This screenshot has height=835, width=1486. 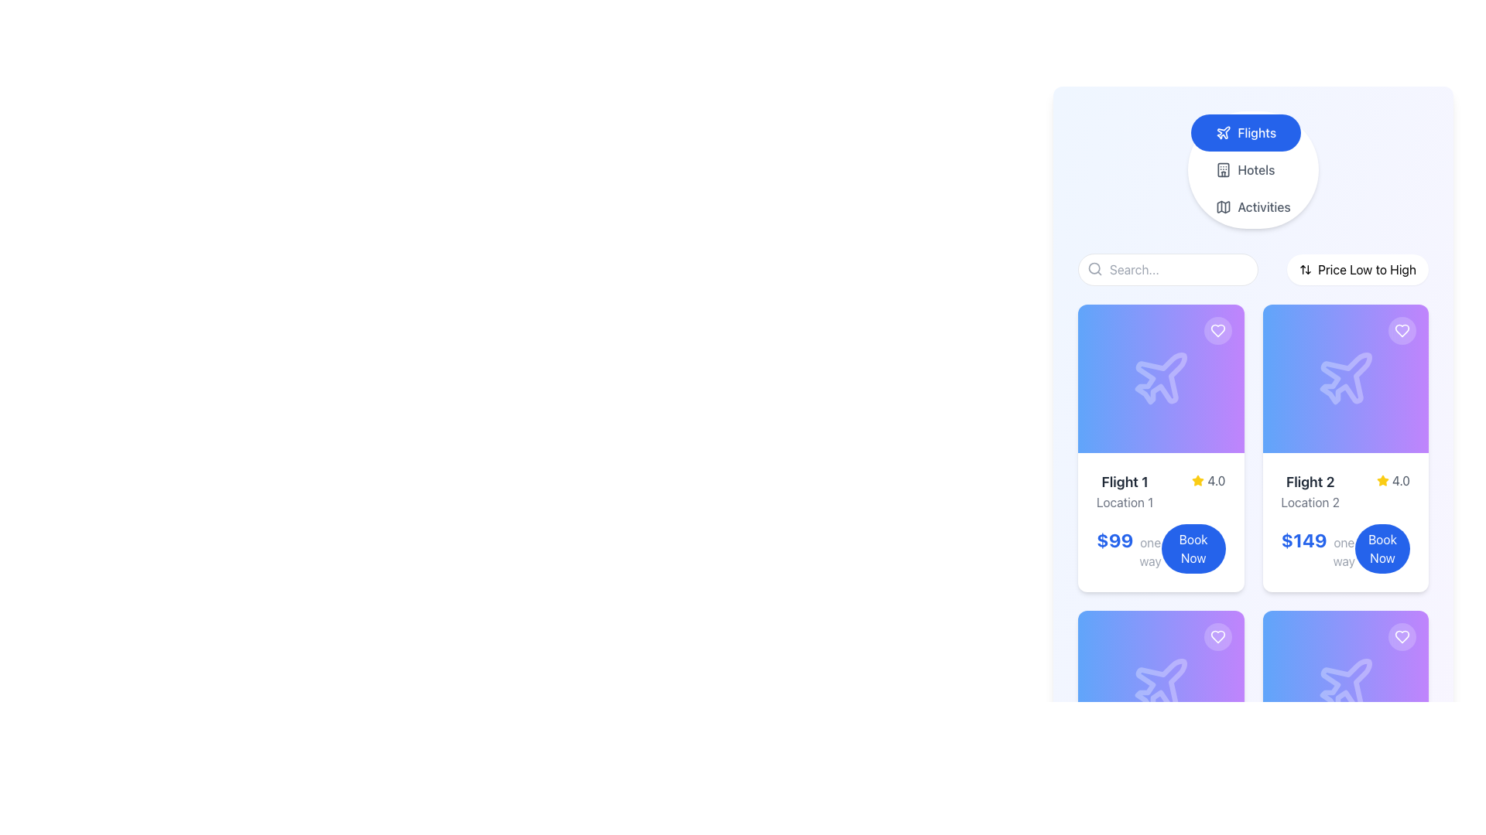 What do you see at coordinates (1197, 479) in the screenshot?
I see `the yellow star icon located near the top-right of the second card in the second column, which signifies a rating or favorite feature` at bounding box center [1197, 479].